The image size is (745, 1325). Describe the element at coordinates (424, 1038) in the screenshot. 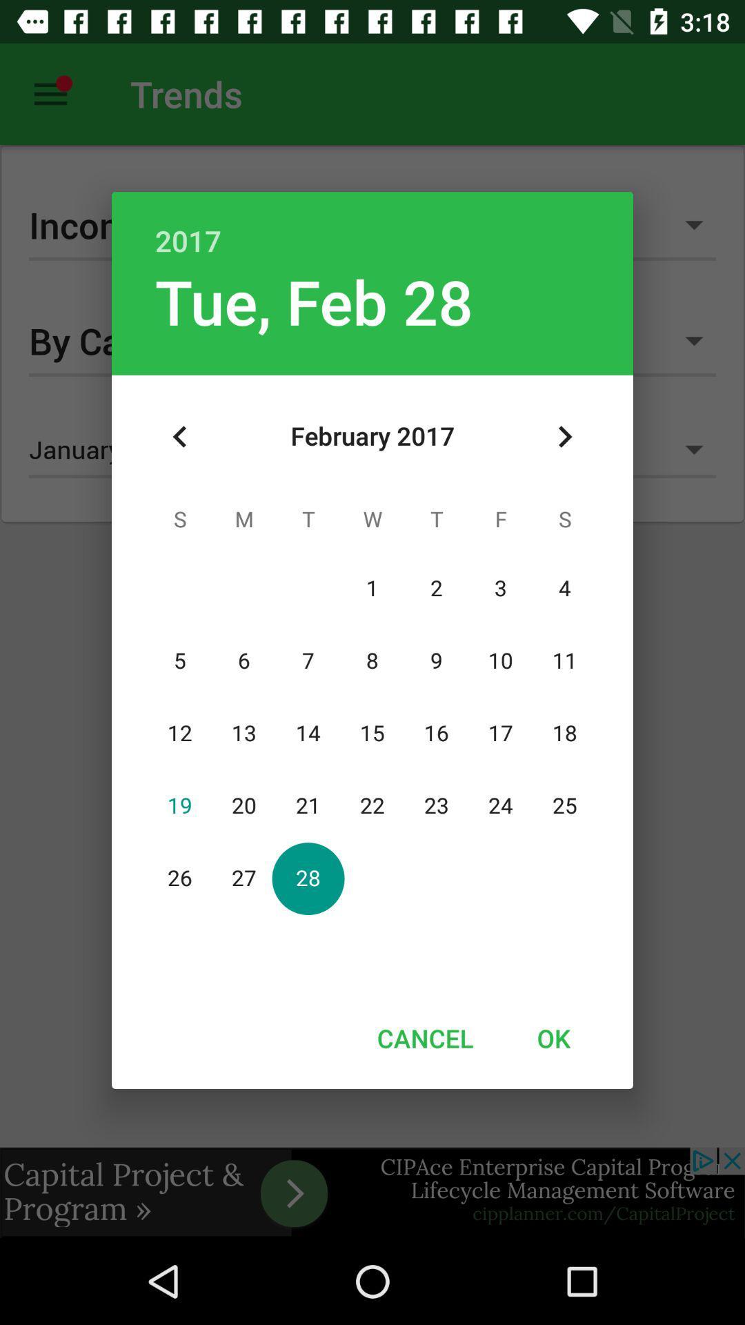

I see `cancel icon` at that location.